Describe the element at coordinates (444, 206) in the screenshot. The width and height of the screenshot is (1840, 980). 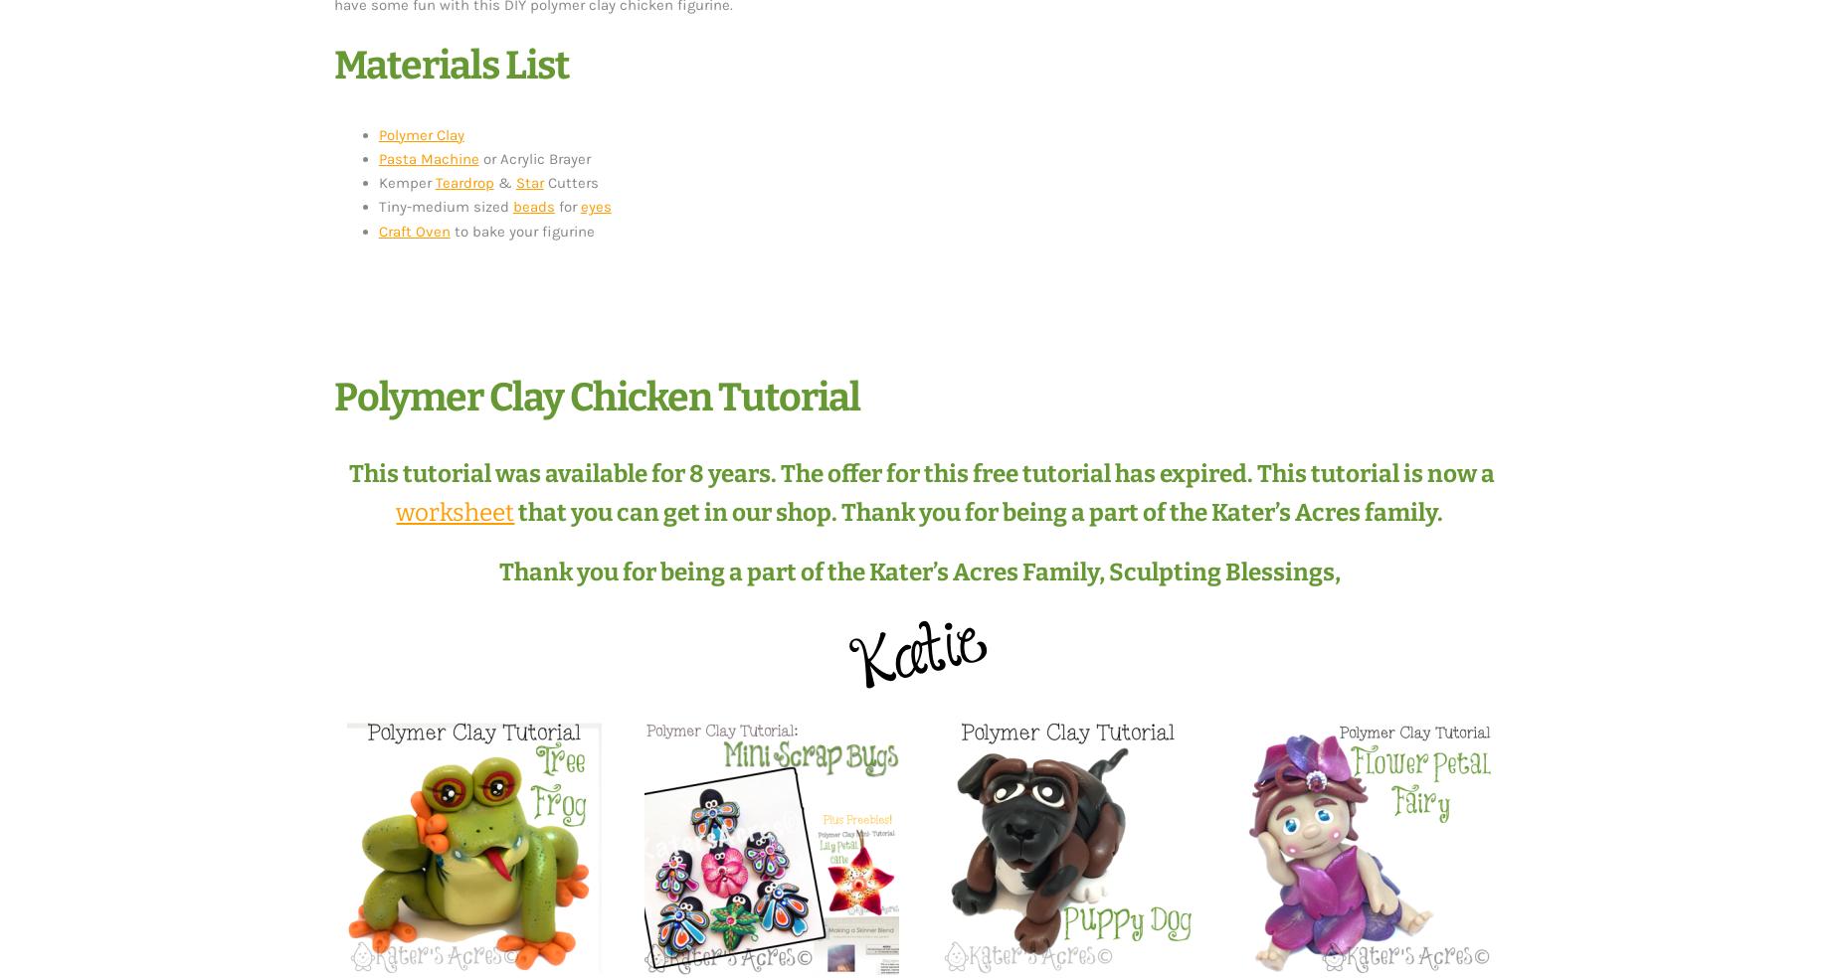
I see `'Tiny-medium sized'` at that location.